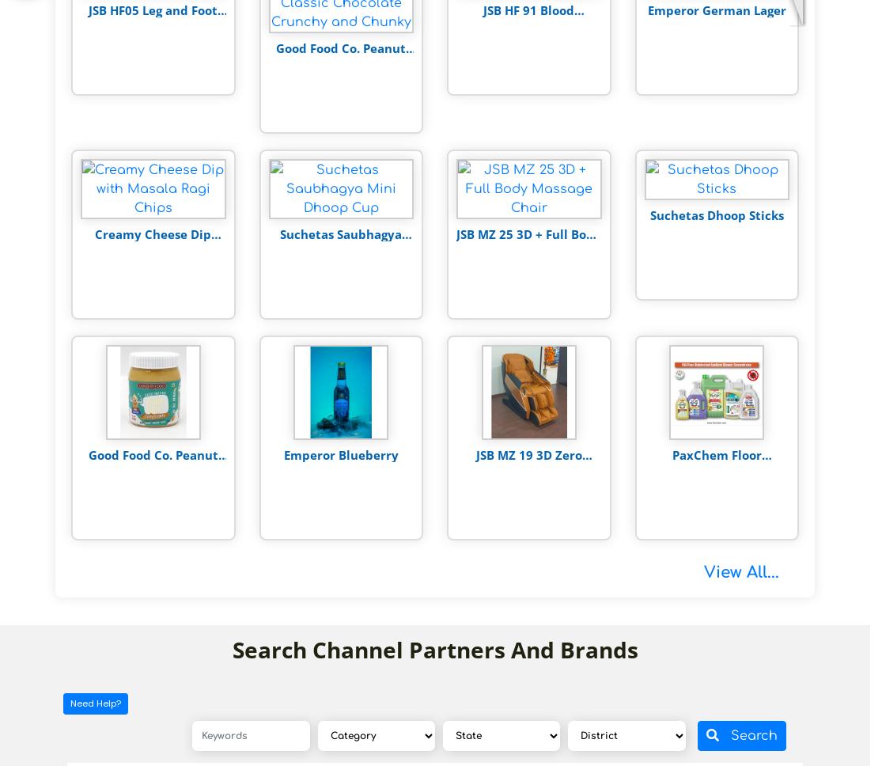  I want to click on 'Rs. 199', so click(357, 291).